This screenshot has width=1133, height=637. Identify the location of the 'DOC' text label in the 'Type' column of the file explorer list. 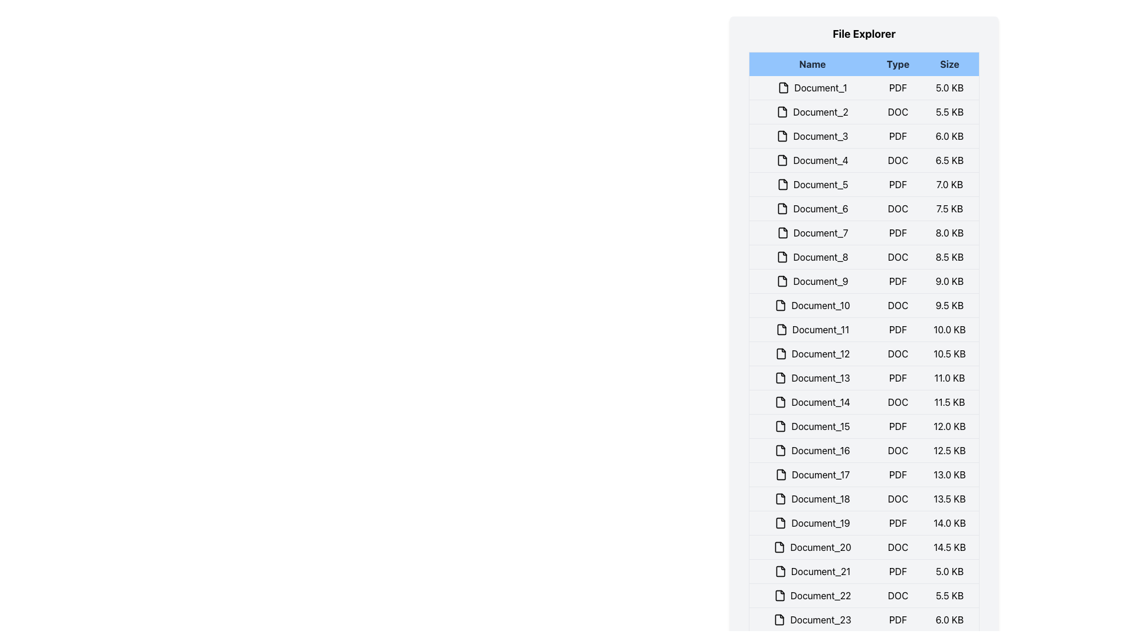
(897, 256).